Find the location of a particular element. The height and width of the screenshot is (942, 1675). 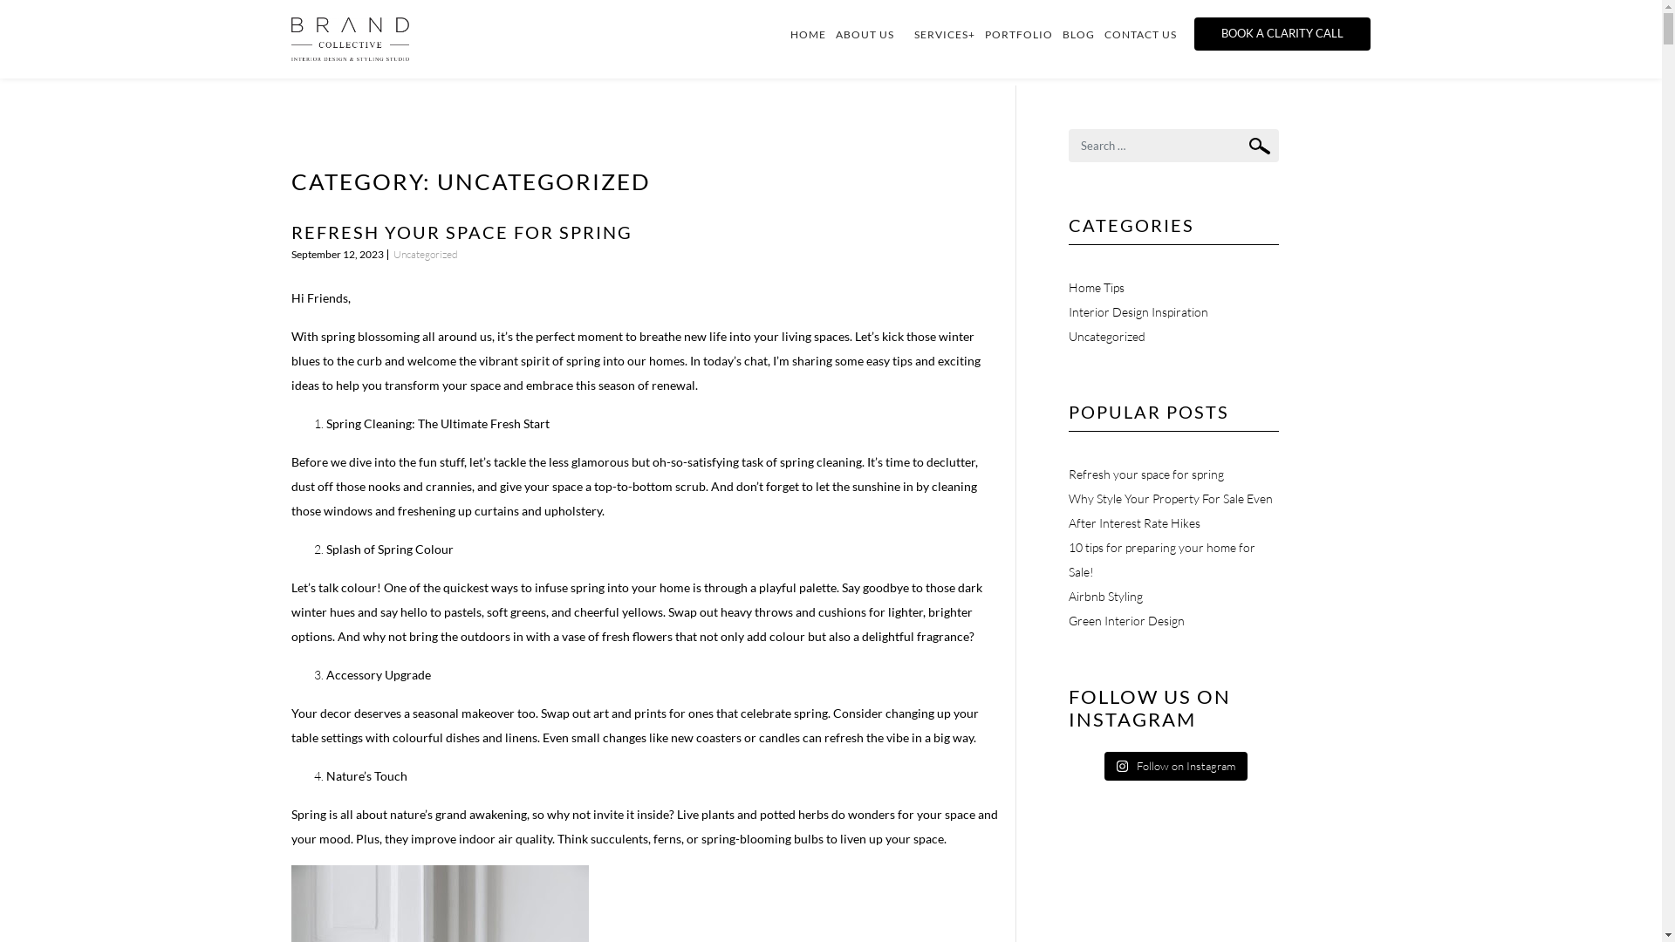

'BLOG' is located at coordinates (1083, 34).